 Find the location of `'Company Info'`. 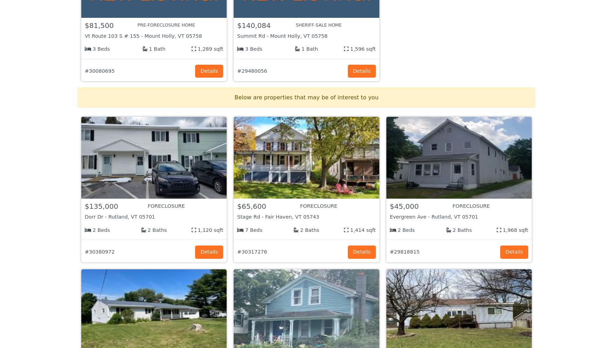

'Company Info' is located at coordinates (267, 260).